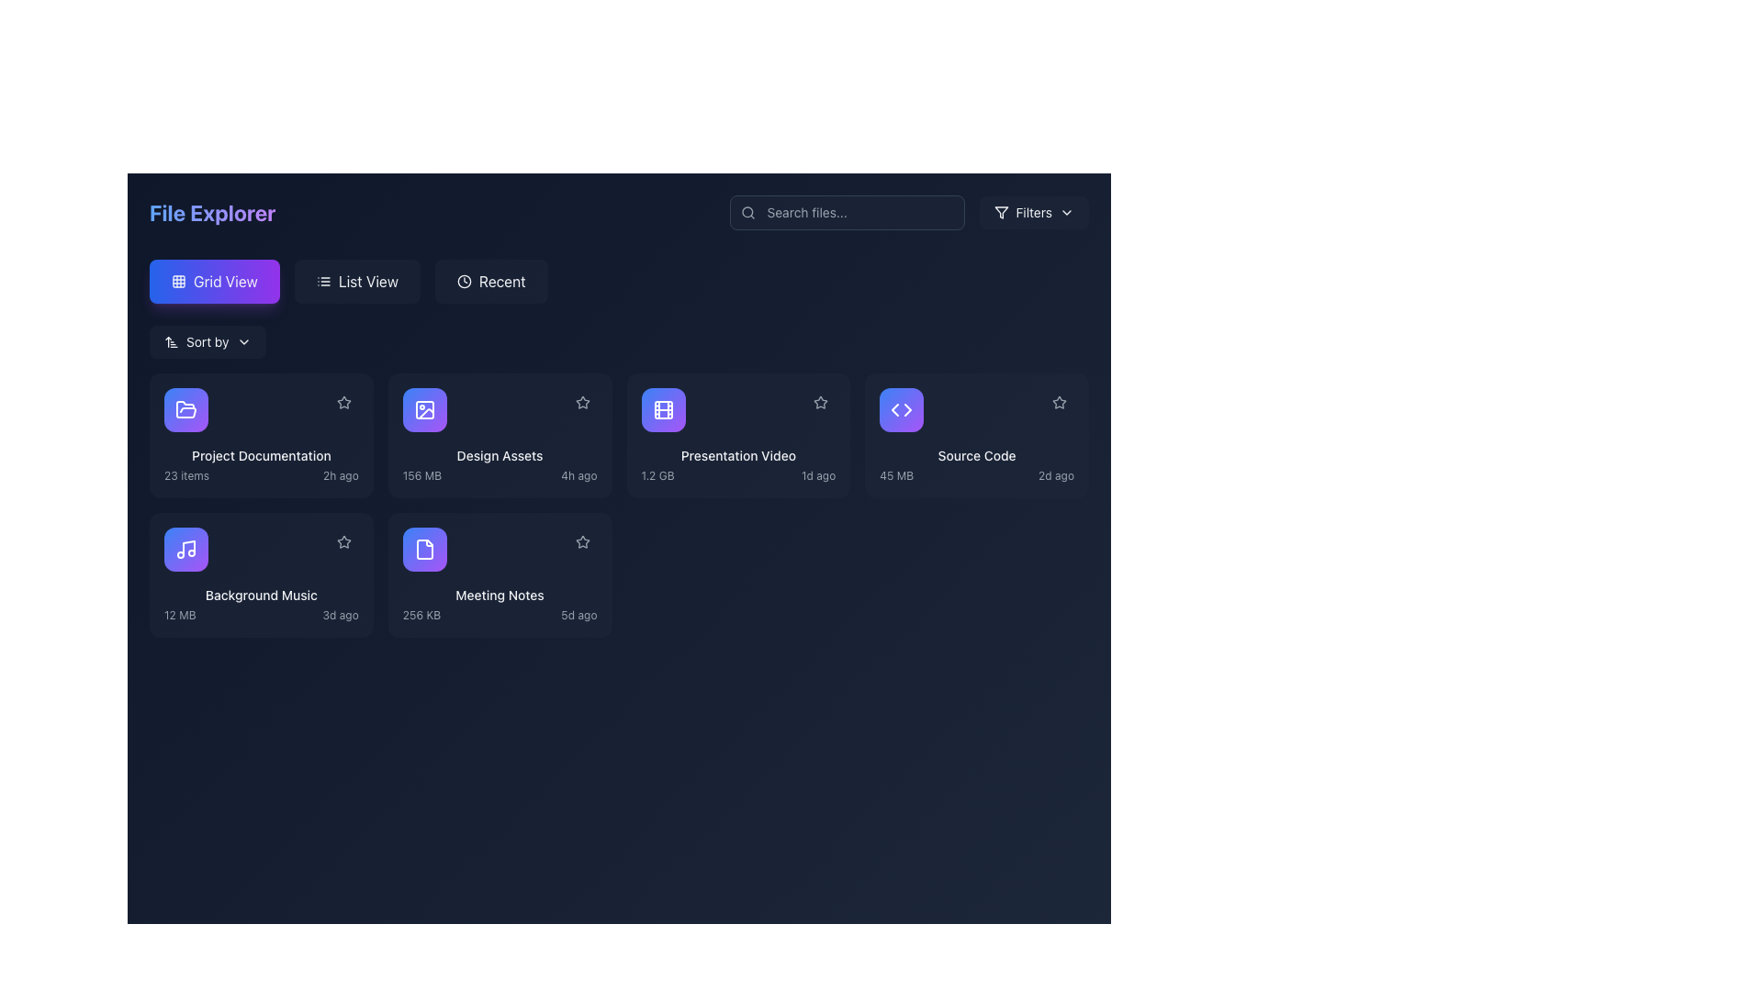 The height and width of the screenshot is (991, 1763). Describe the element at coordinates (260, 574) in the screenshot. I see `the 'Background Music' card element in the grid layout` at that location.